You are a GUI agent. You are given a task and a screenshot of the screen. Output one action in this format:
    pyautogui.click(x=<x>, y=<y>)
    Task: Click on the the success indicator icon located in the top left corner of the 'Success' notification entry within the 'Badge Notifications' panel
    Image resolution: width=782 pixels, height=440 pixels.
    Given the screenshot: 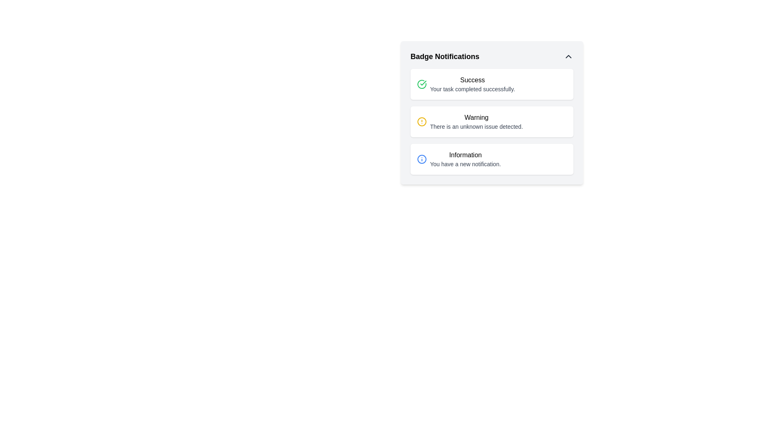 What is the action you would take?
    pyautogui.click(x=422, y=84)
    